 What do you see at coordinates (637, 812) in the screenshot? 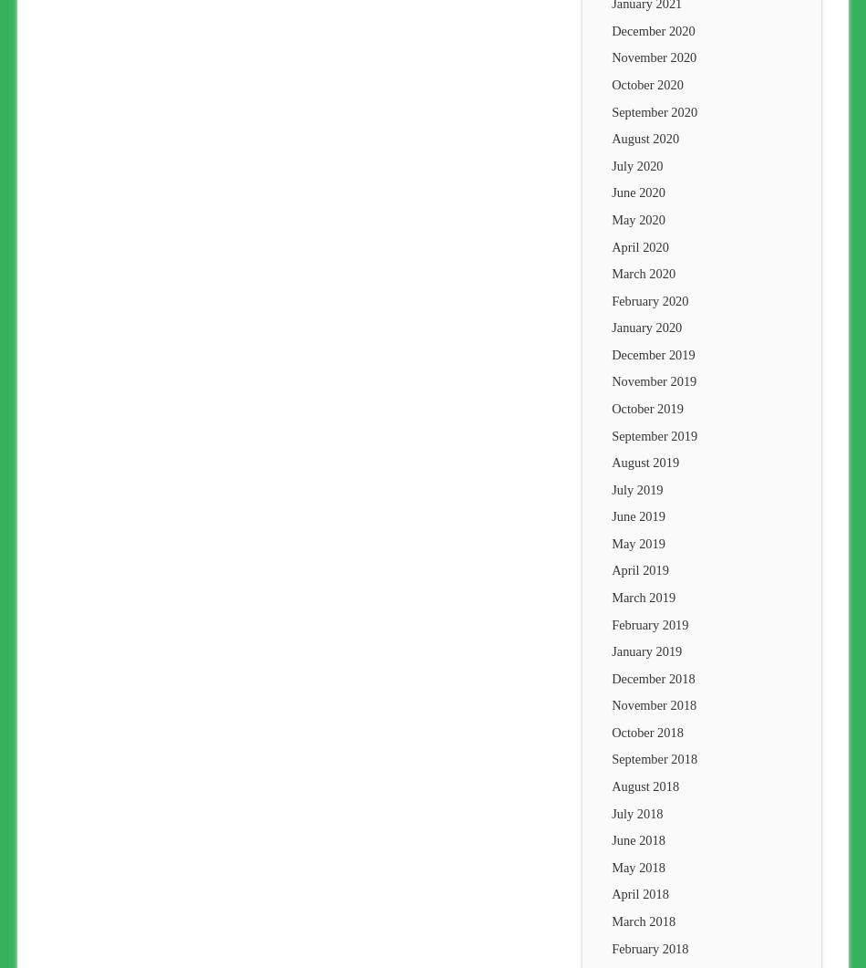
I see `'July 2018'` at bounding box center [637, 812].